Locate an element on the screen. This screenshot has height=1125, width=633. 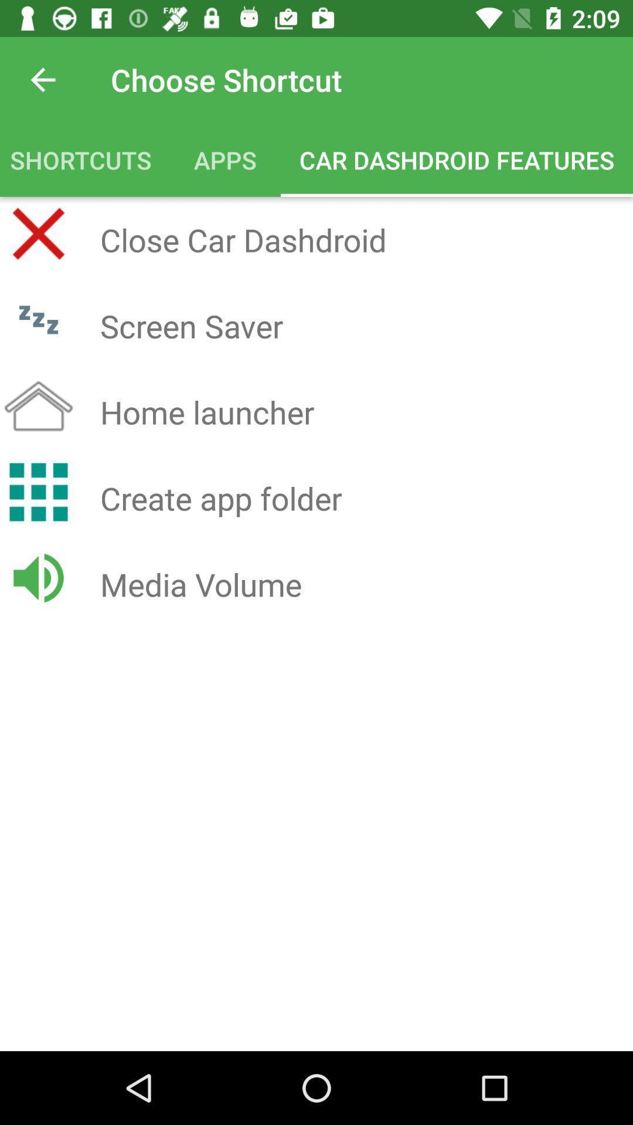
icon above the shortcuts icon is located at coordinates (42, 79).